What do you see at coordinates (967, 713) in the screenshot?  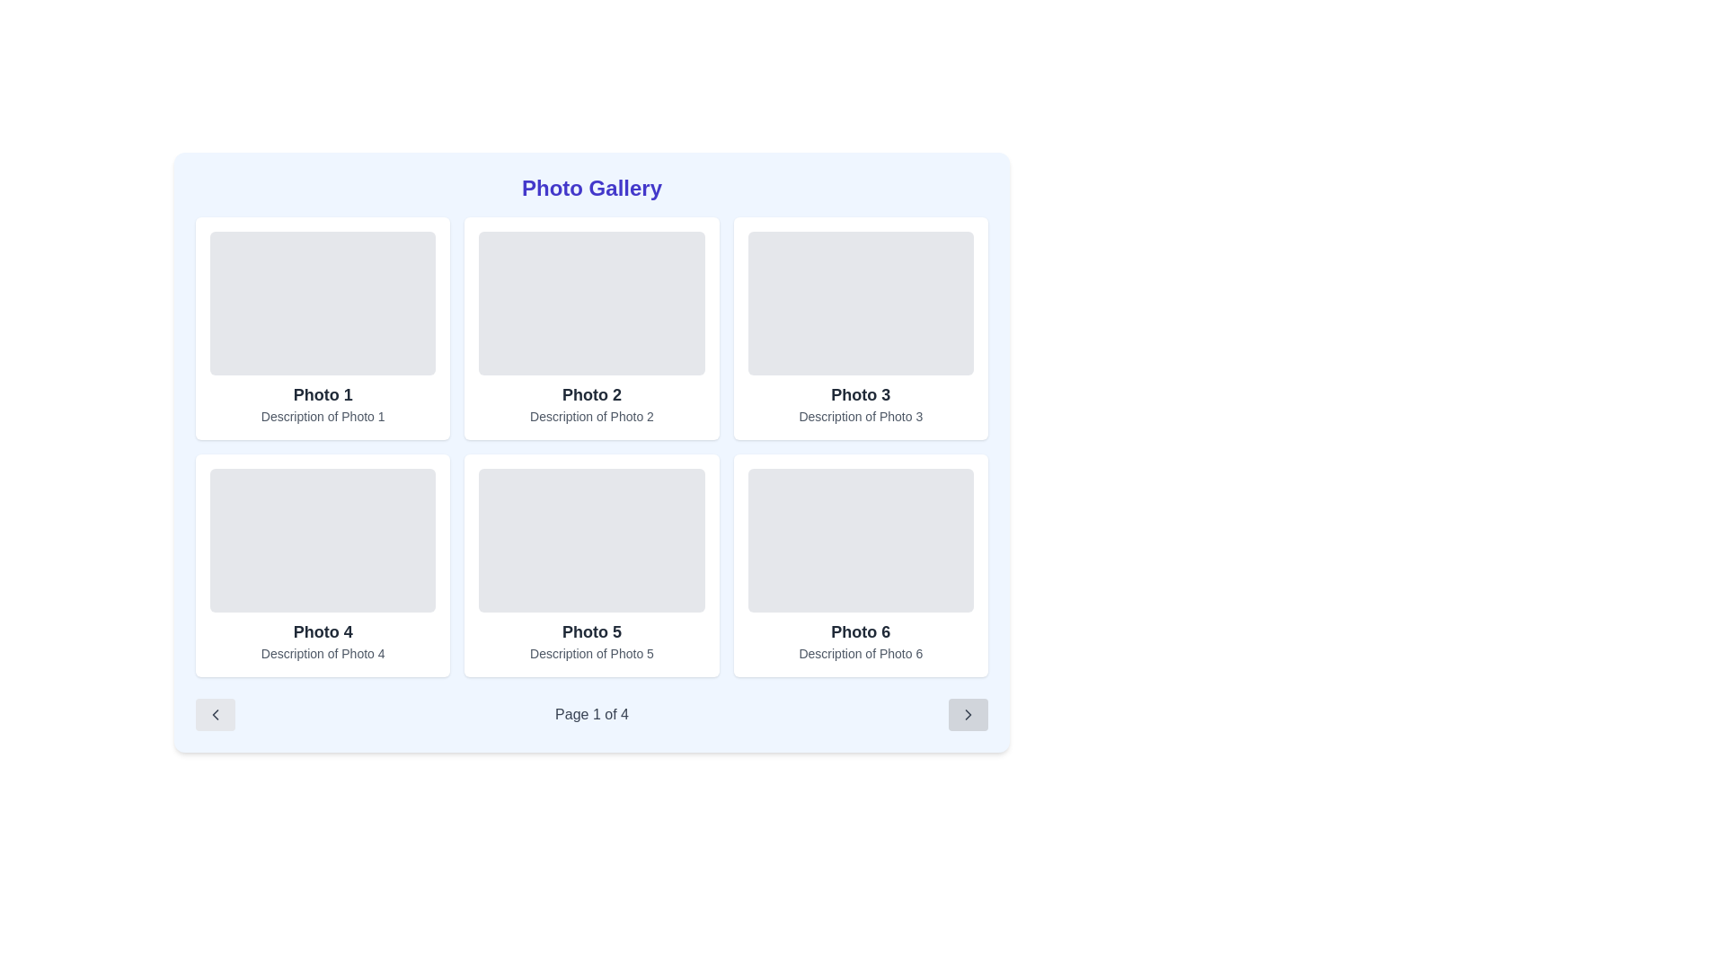 I see `the rightward-pointing chevron icon located at the center of the rightmost button in the bottom navigation bar` at bounding box center [967, 713].